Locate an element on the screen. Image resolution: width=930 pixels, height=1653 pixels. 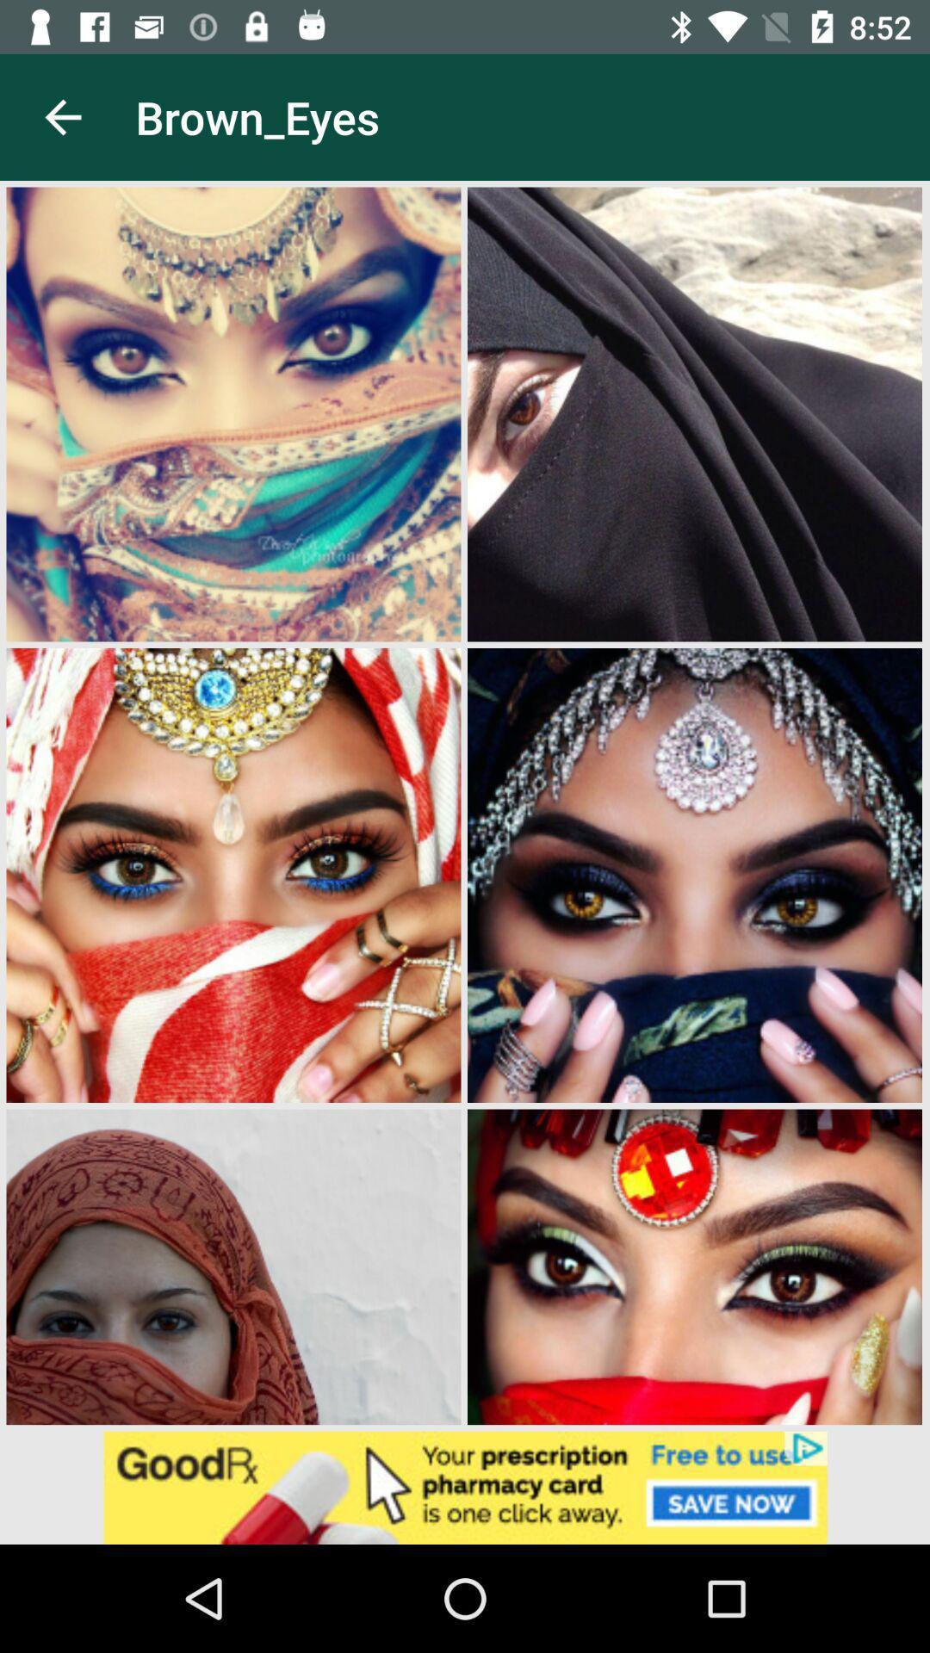
open advertisement is located at coordinates (465, 1487).